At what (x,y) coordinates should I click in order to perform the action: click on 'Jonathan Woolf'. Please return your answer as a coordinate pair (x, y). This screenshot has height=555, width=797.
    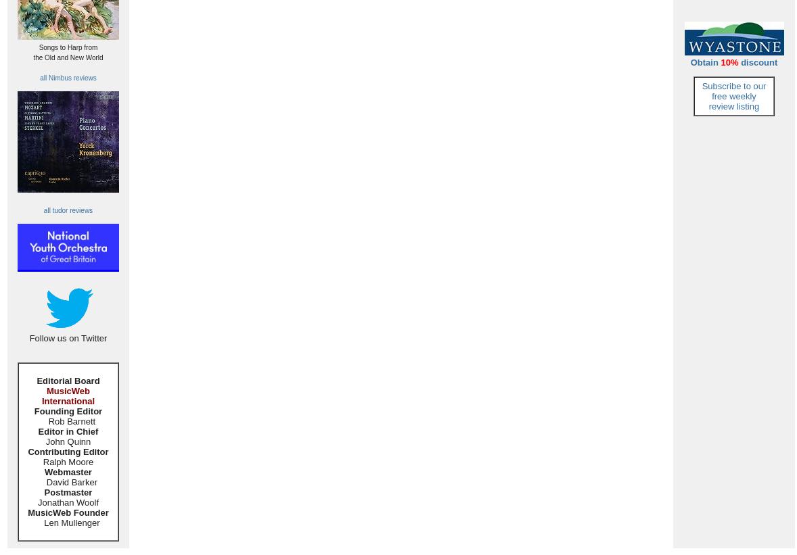
    Looking at the image, I should click on (67, 501).